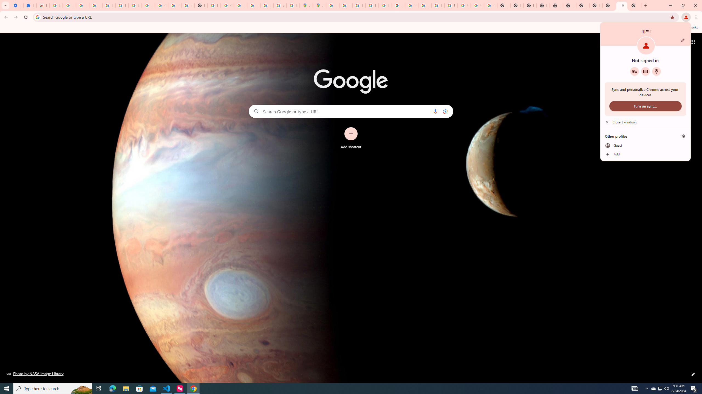  I want to click on 'Reload', so click(26, 17).